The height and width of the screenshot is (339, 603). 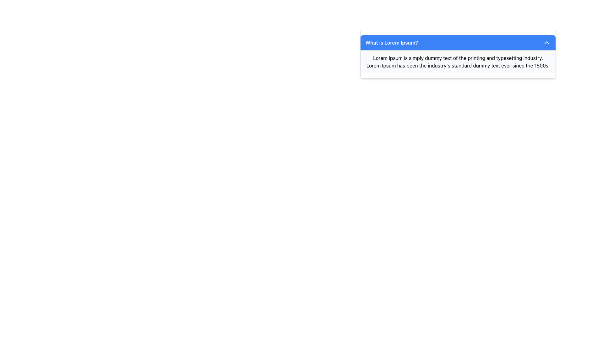 I want to click on the text block with a light gray background explaining the origin of 'Lorem Ipsum', positioned below the blue header titled 'What is Lorem Ipsum?', so click(x=458, y=62).